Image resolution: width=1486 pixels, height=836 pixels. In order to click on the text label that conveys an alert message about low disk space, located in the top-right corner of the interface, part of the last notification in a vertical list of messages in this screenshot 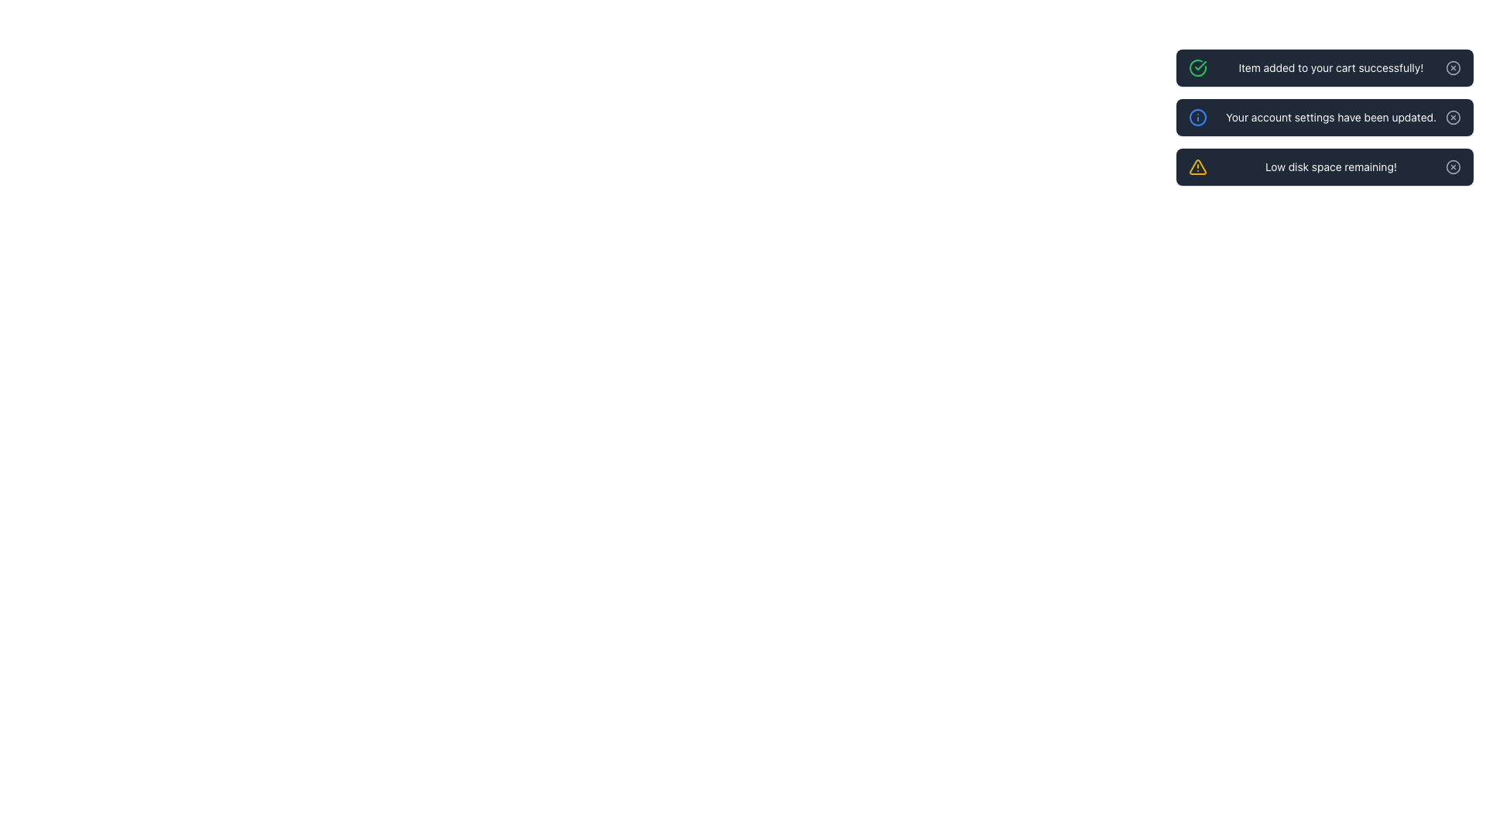, I will do `click(1330, 167)`.